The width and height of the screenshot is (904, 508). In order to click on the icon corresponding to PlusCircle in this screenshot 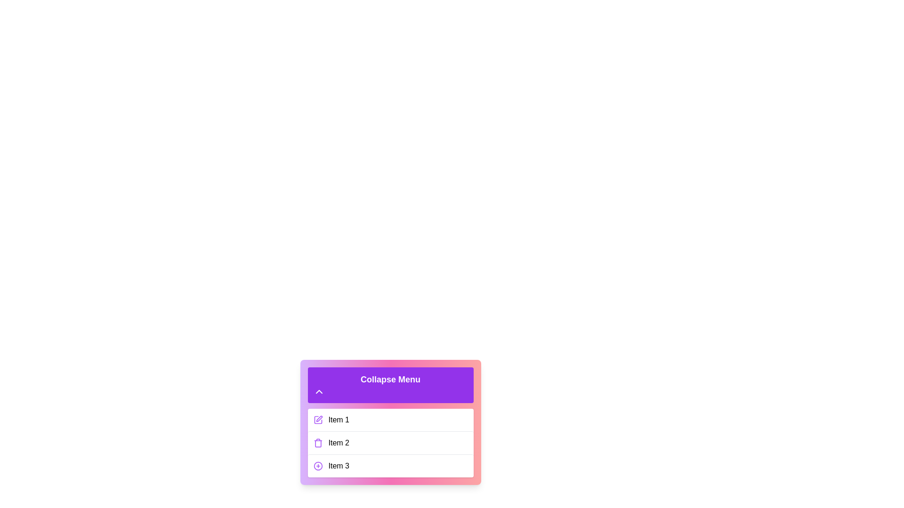, I will do `click(318, 466)`.